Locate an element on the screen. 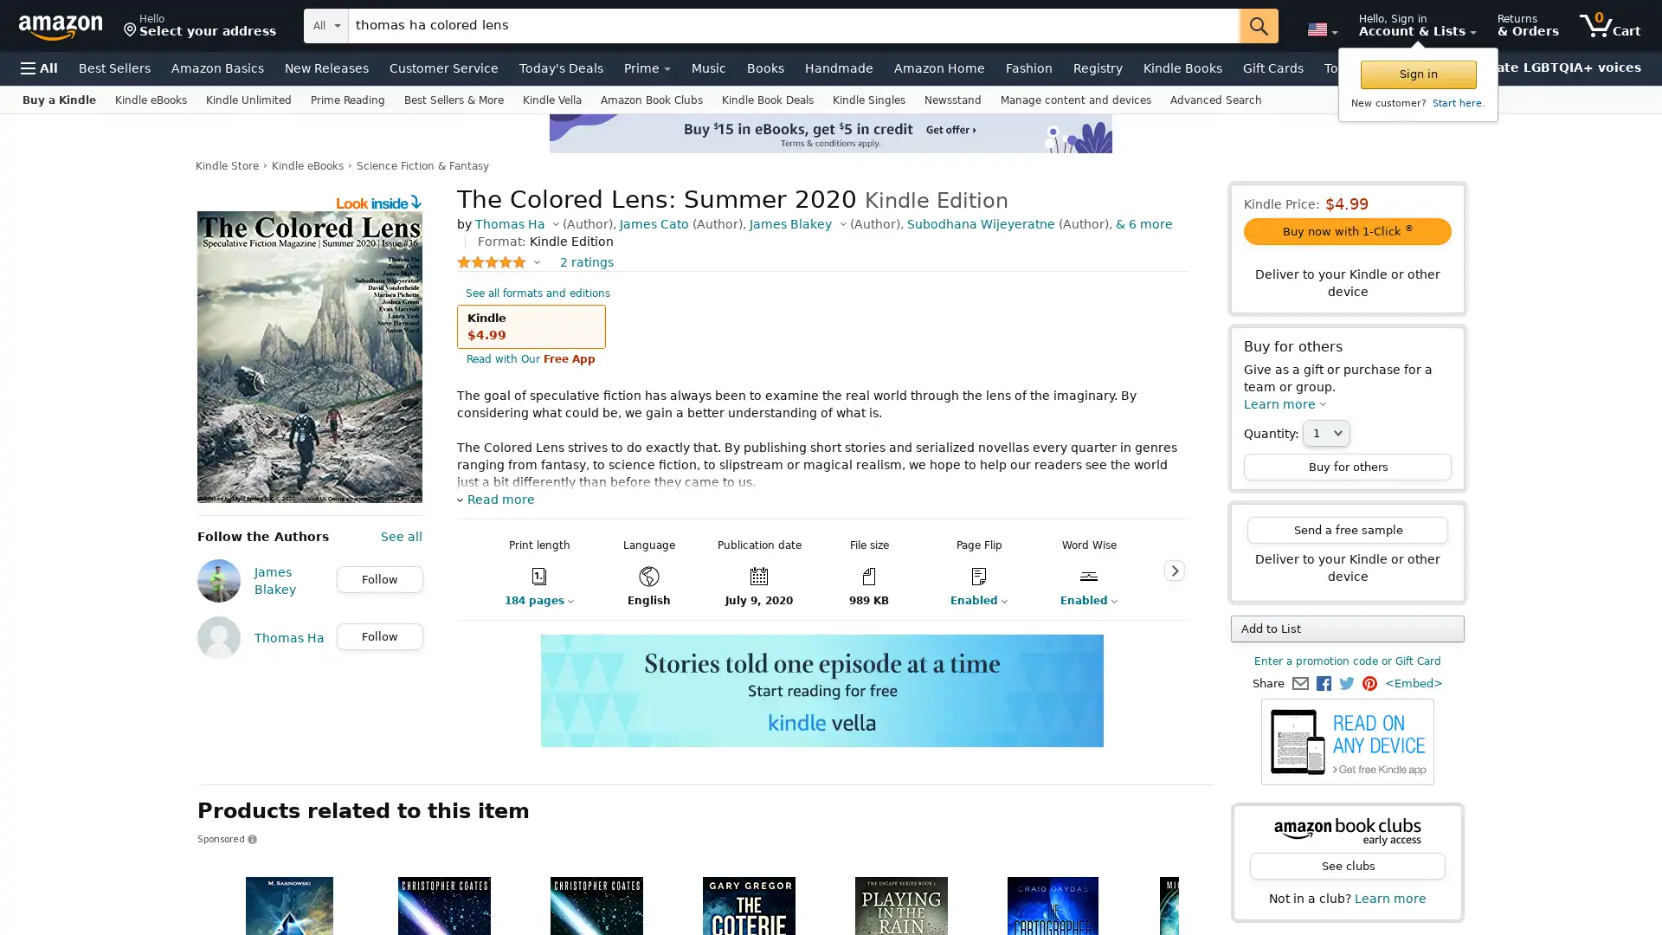 The width and height of the screenshot is (1662, 935). See clubs is located at coordinates (1346, 866).